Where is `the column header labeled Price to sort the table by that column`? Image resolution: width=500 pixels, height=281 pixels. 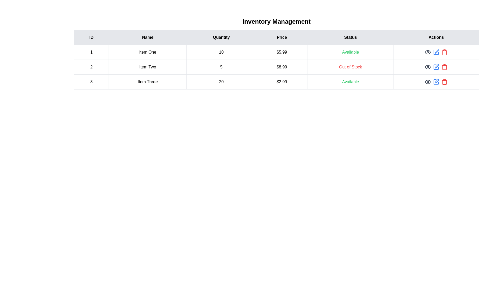
the column header labeled Price to sort the table by that column is located at coordinates (281, 37).